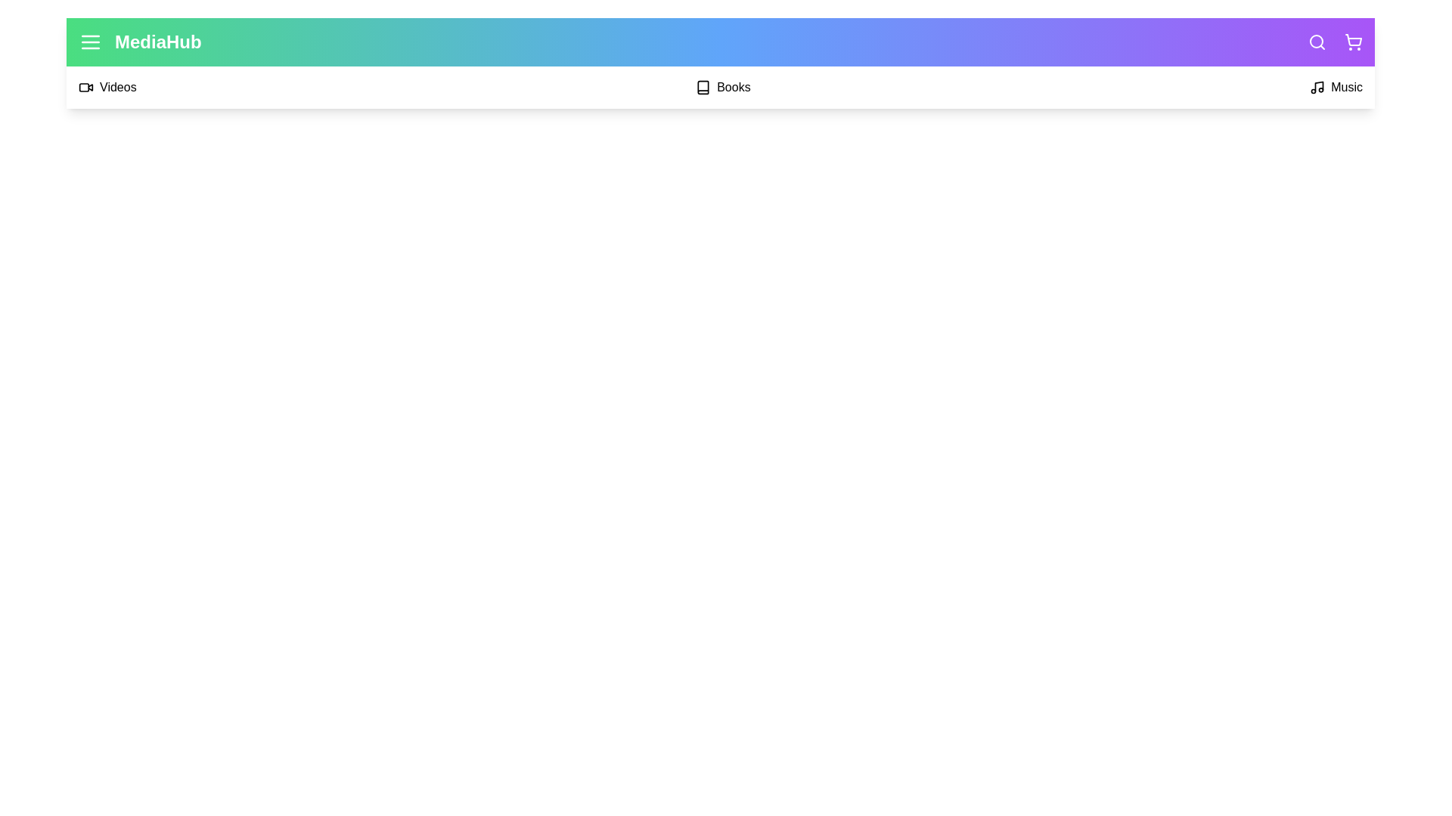  I want to click on the Videos menu item to navigate to the Videos section, so click(107, 87).